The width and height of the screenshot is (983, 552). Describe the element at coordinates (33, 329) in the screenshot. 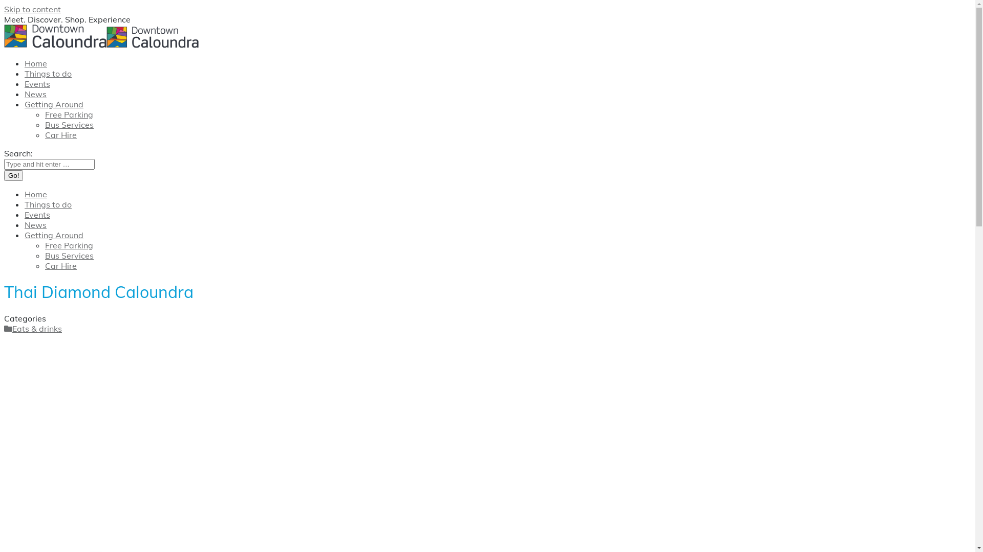

I see `'Eats & drinks'` at that location.